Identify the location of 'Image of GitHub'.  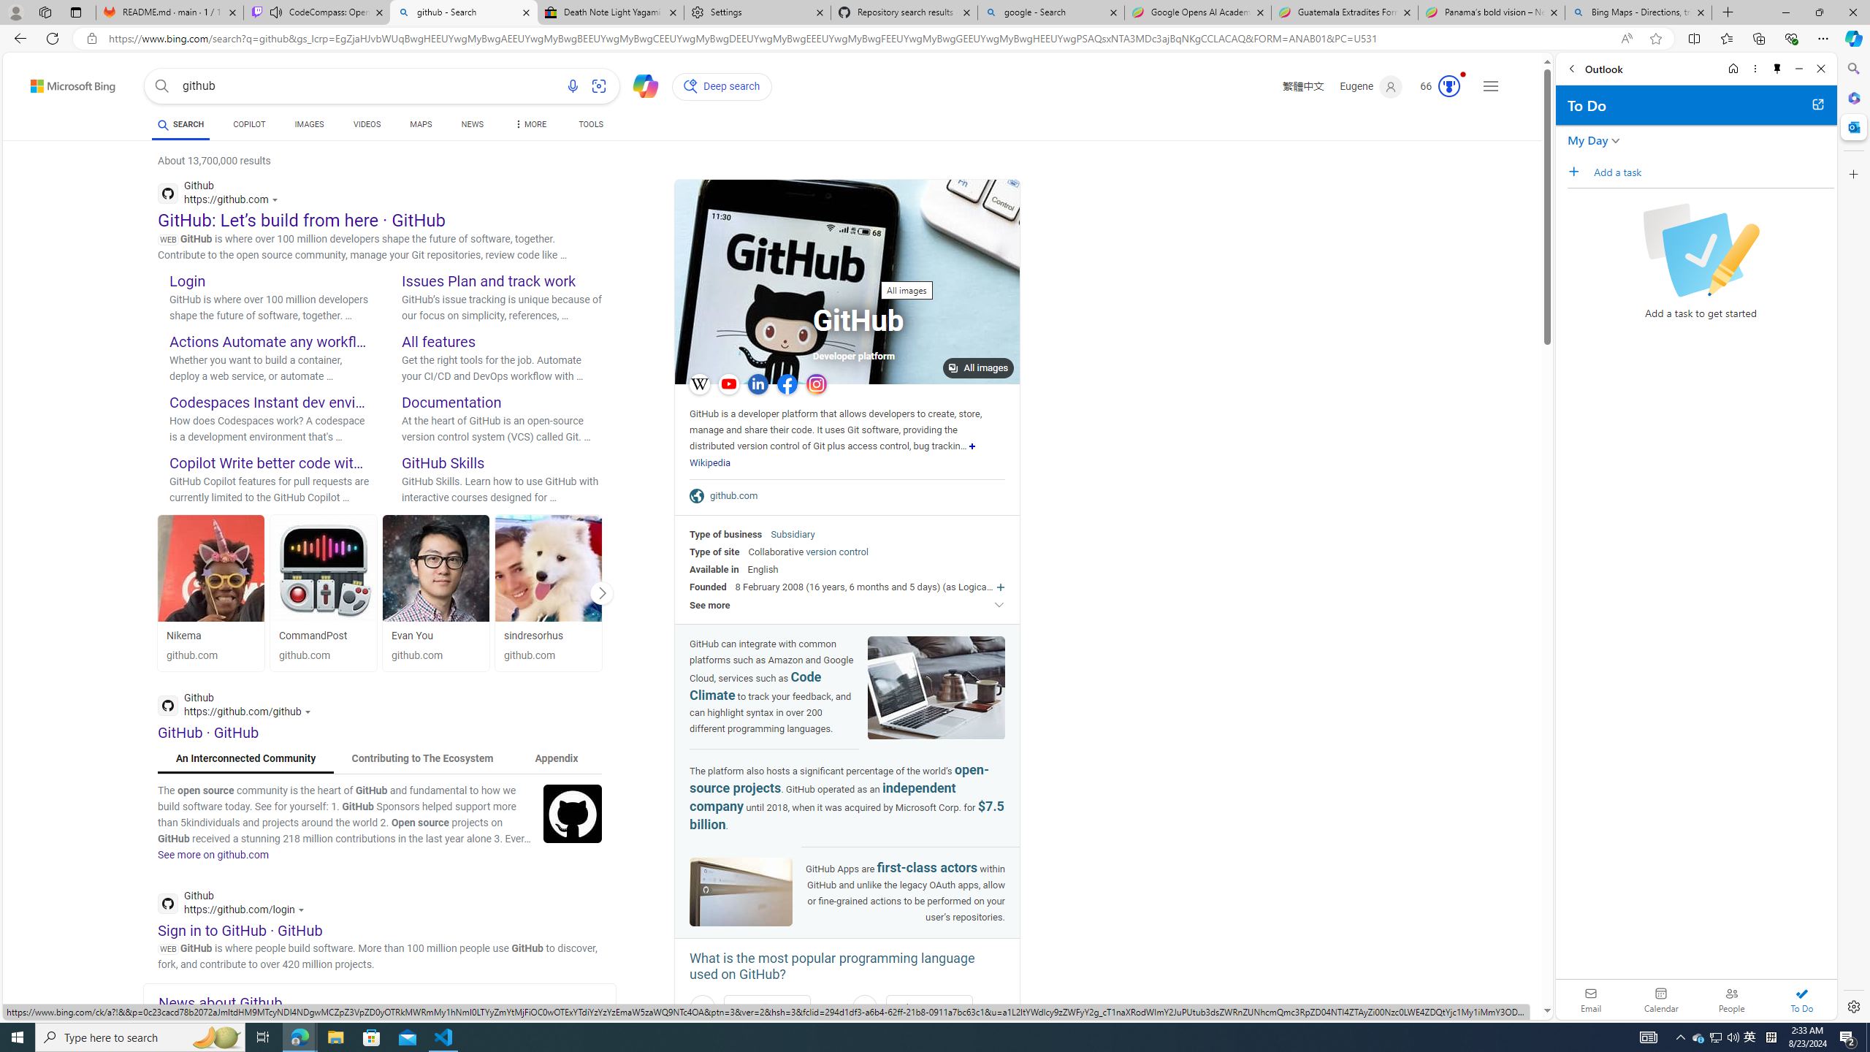
(741, 892).